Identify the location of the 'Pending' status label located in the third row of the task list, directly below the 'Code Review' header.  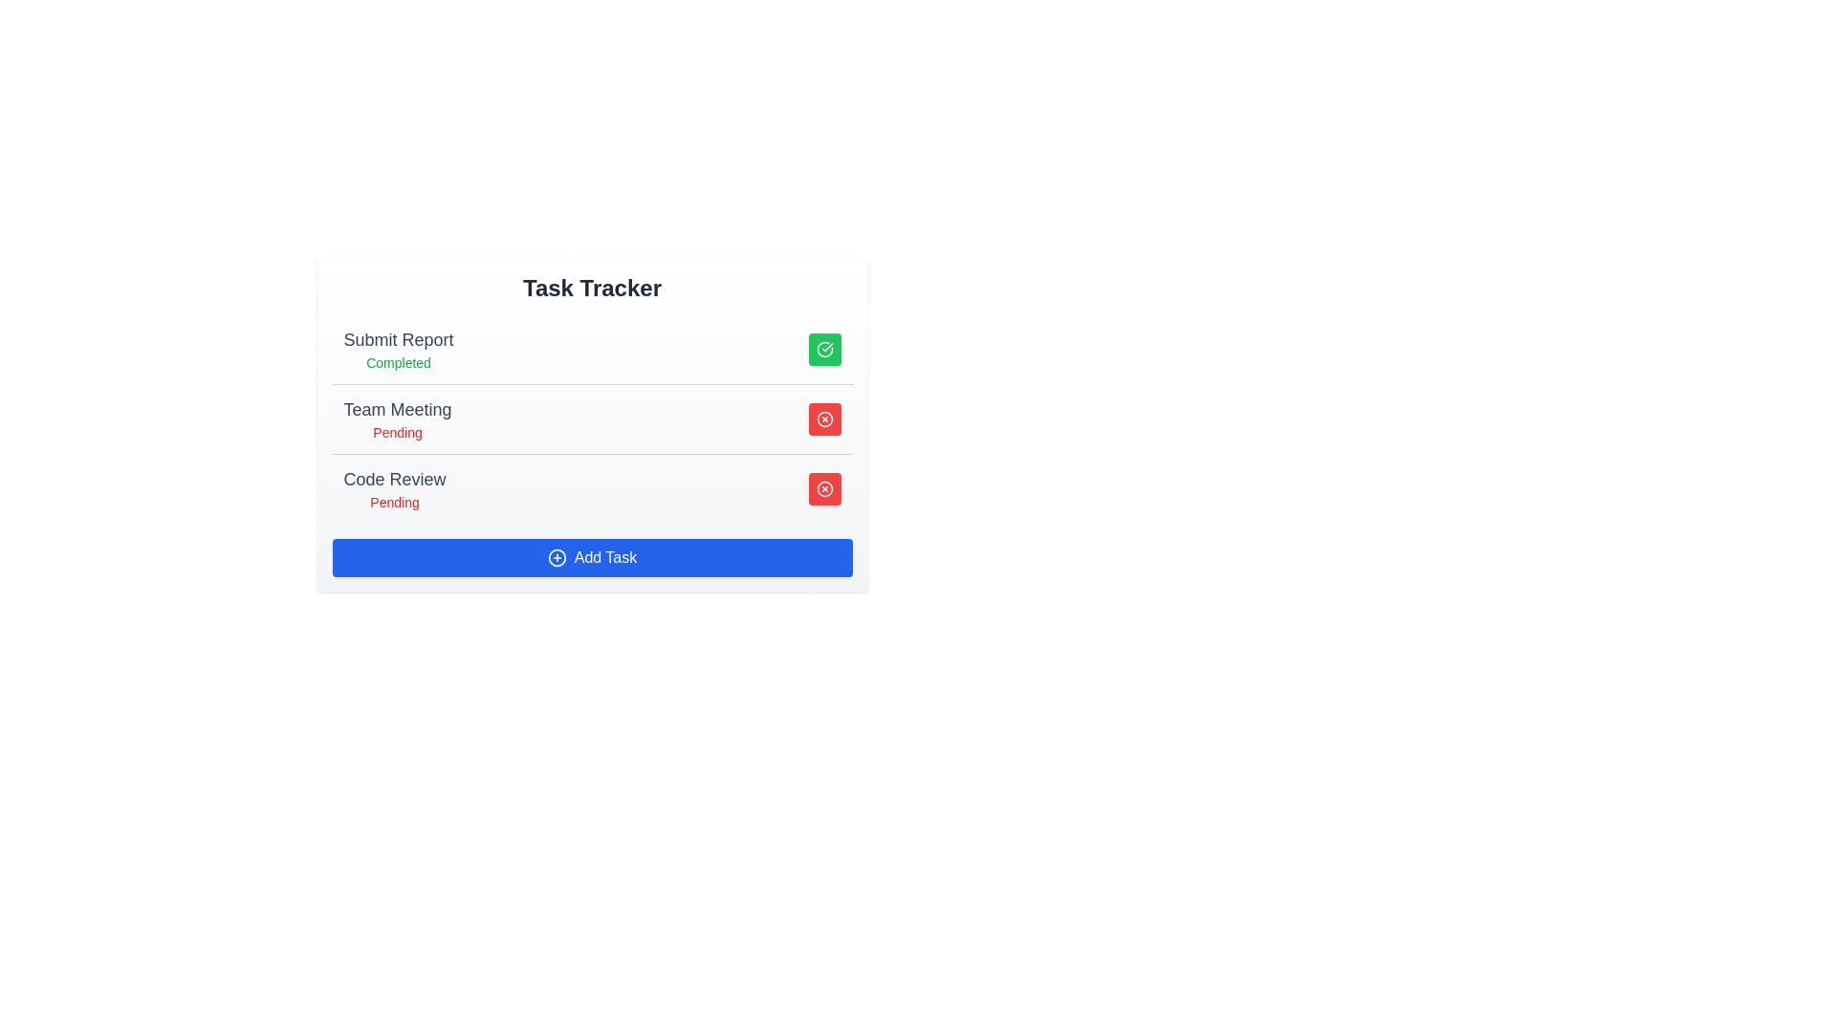
(393, 501).